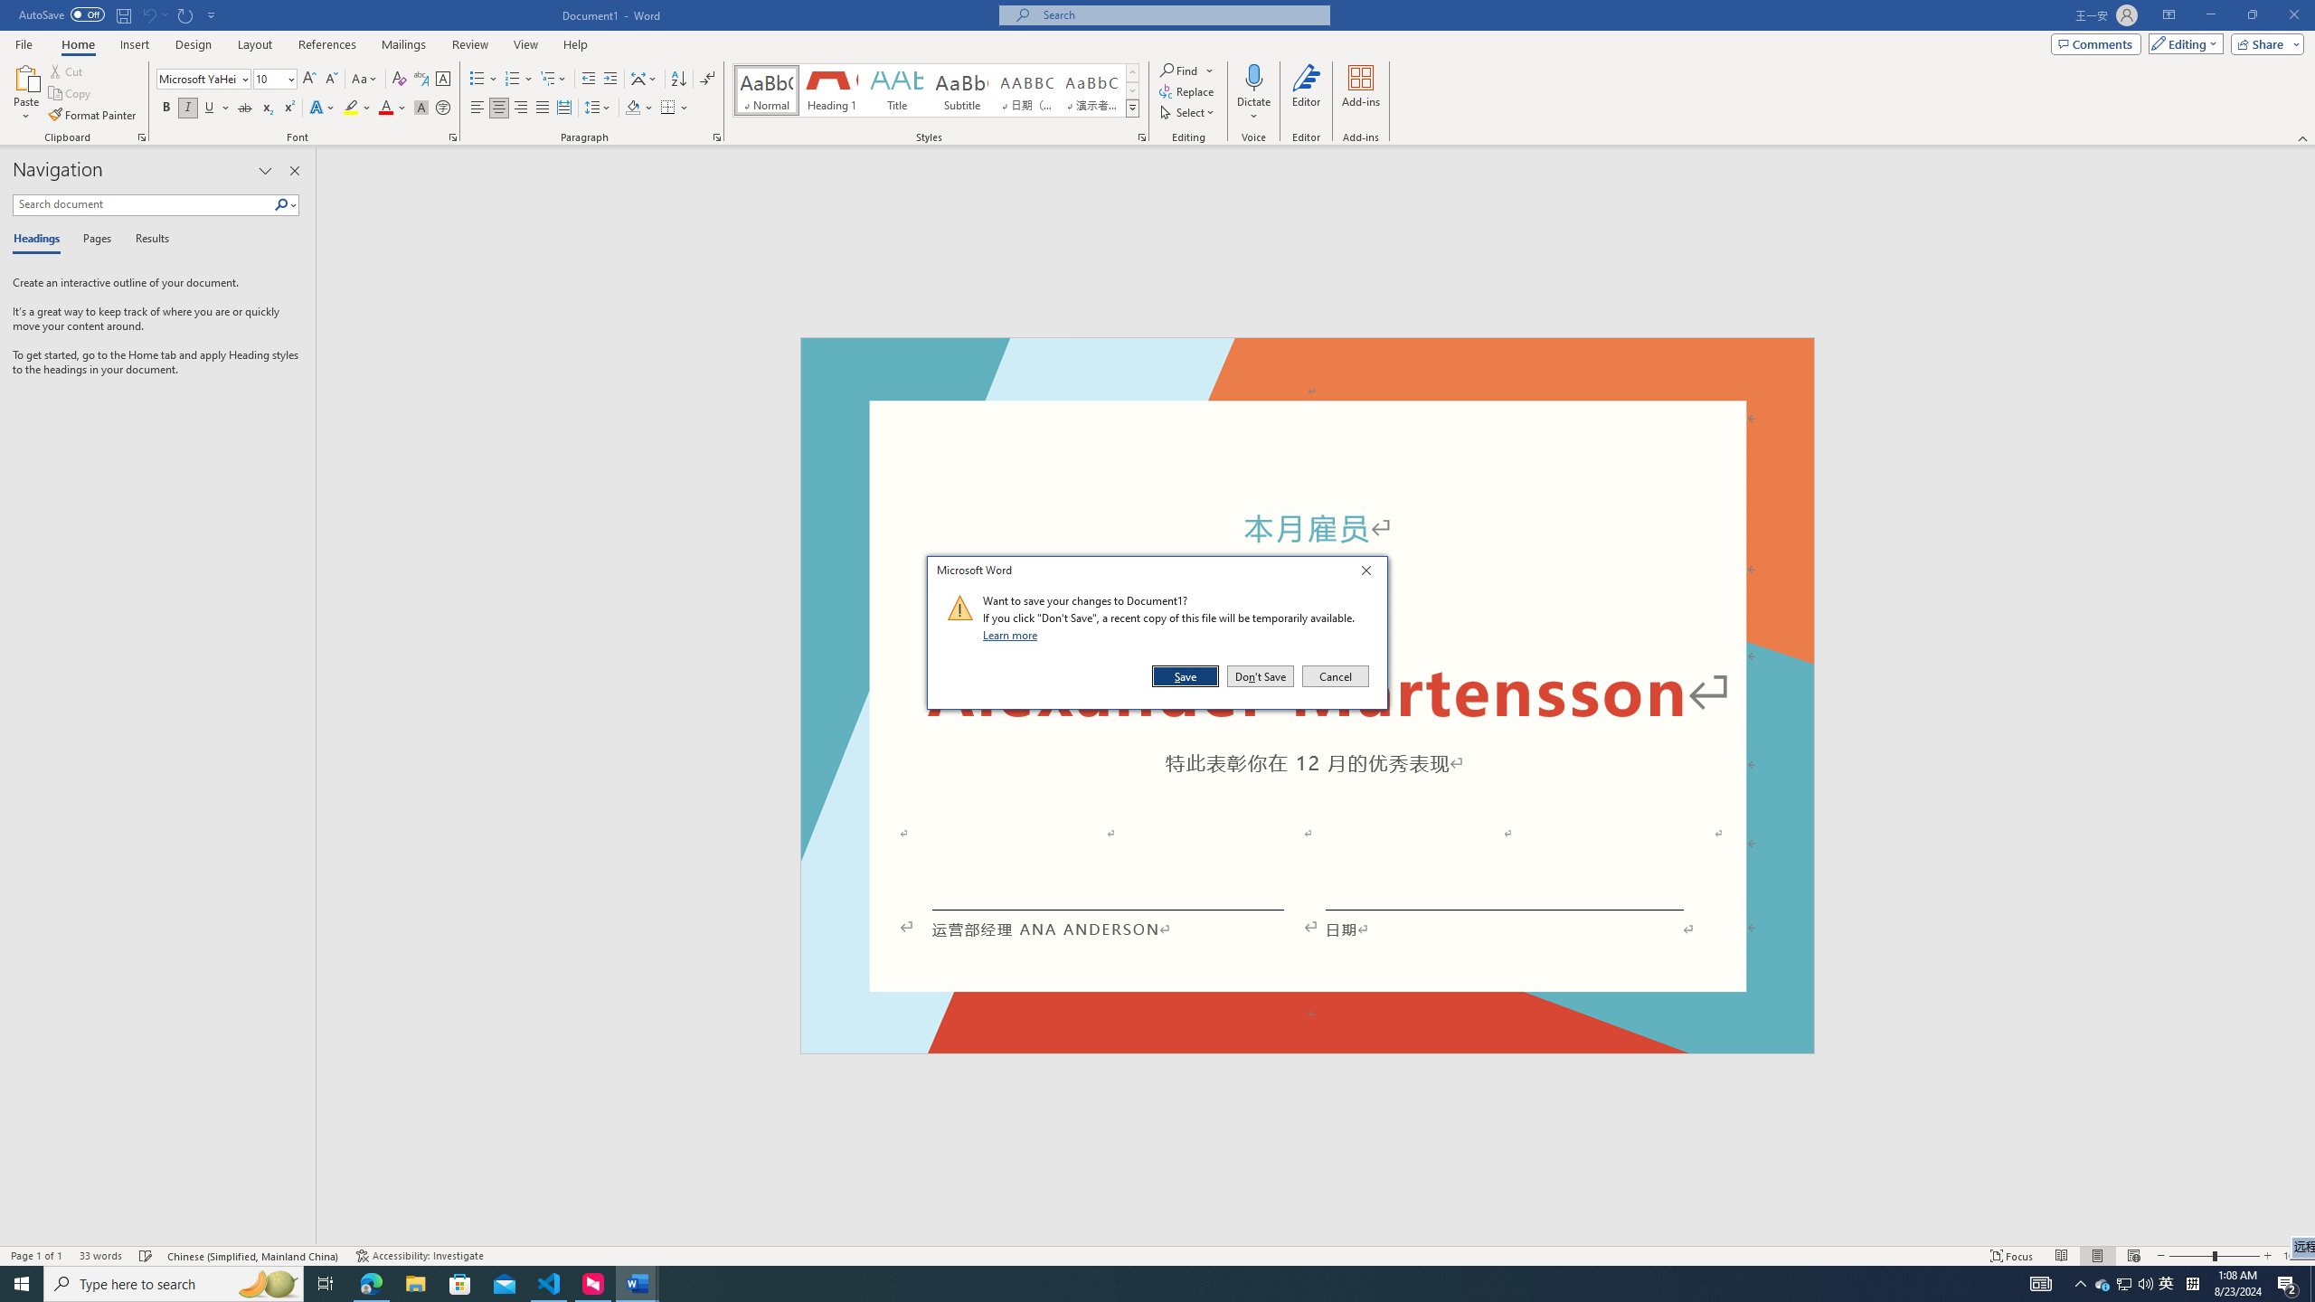 The width and height of the screenshot is (2315, 1302). Describe the element at coordinates (1187, 90) in the screenshot. I see `'Replace...'` at that location.